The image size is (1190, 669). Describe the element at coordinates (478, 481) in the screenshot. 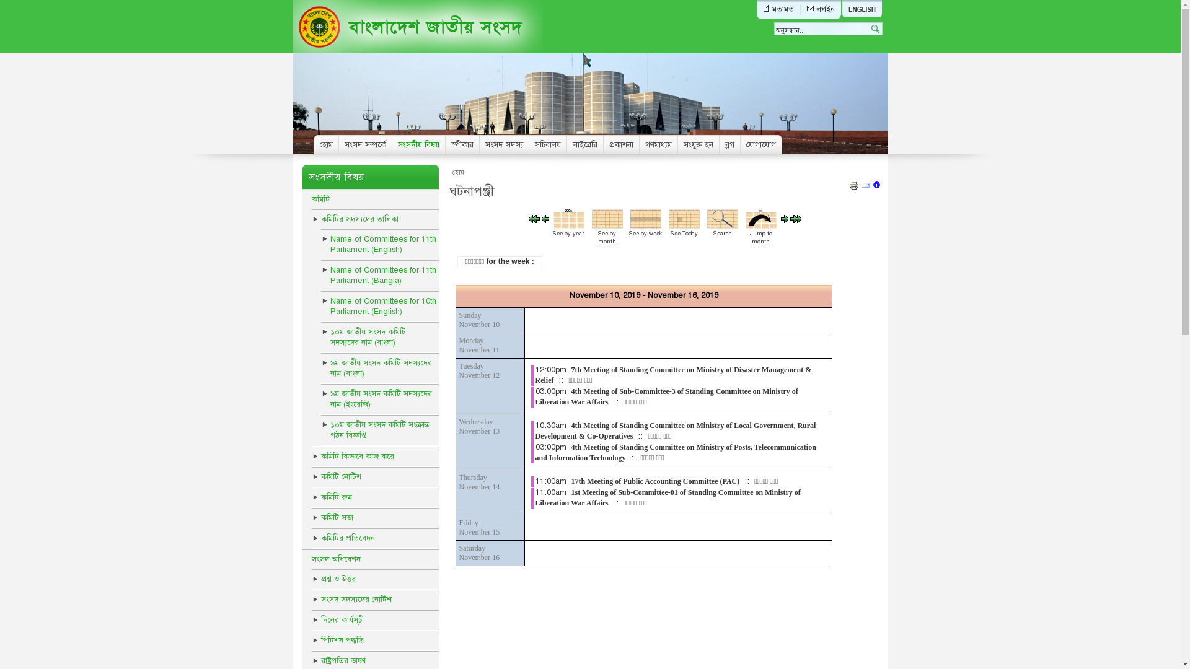

I see `'Thursday` at that location.